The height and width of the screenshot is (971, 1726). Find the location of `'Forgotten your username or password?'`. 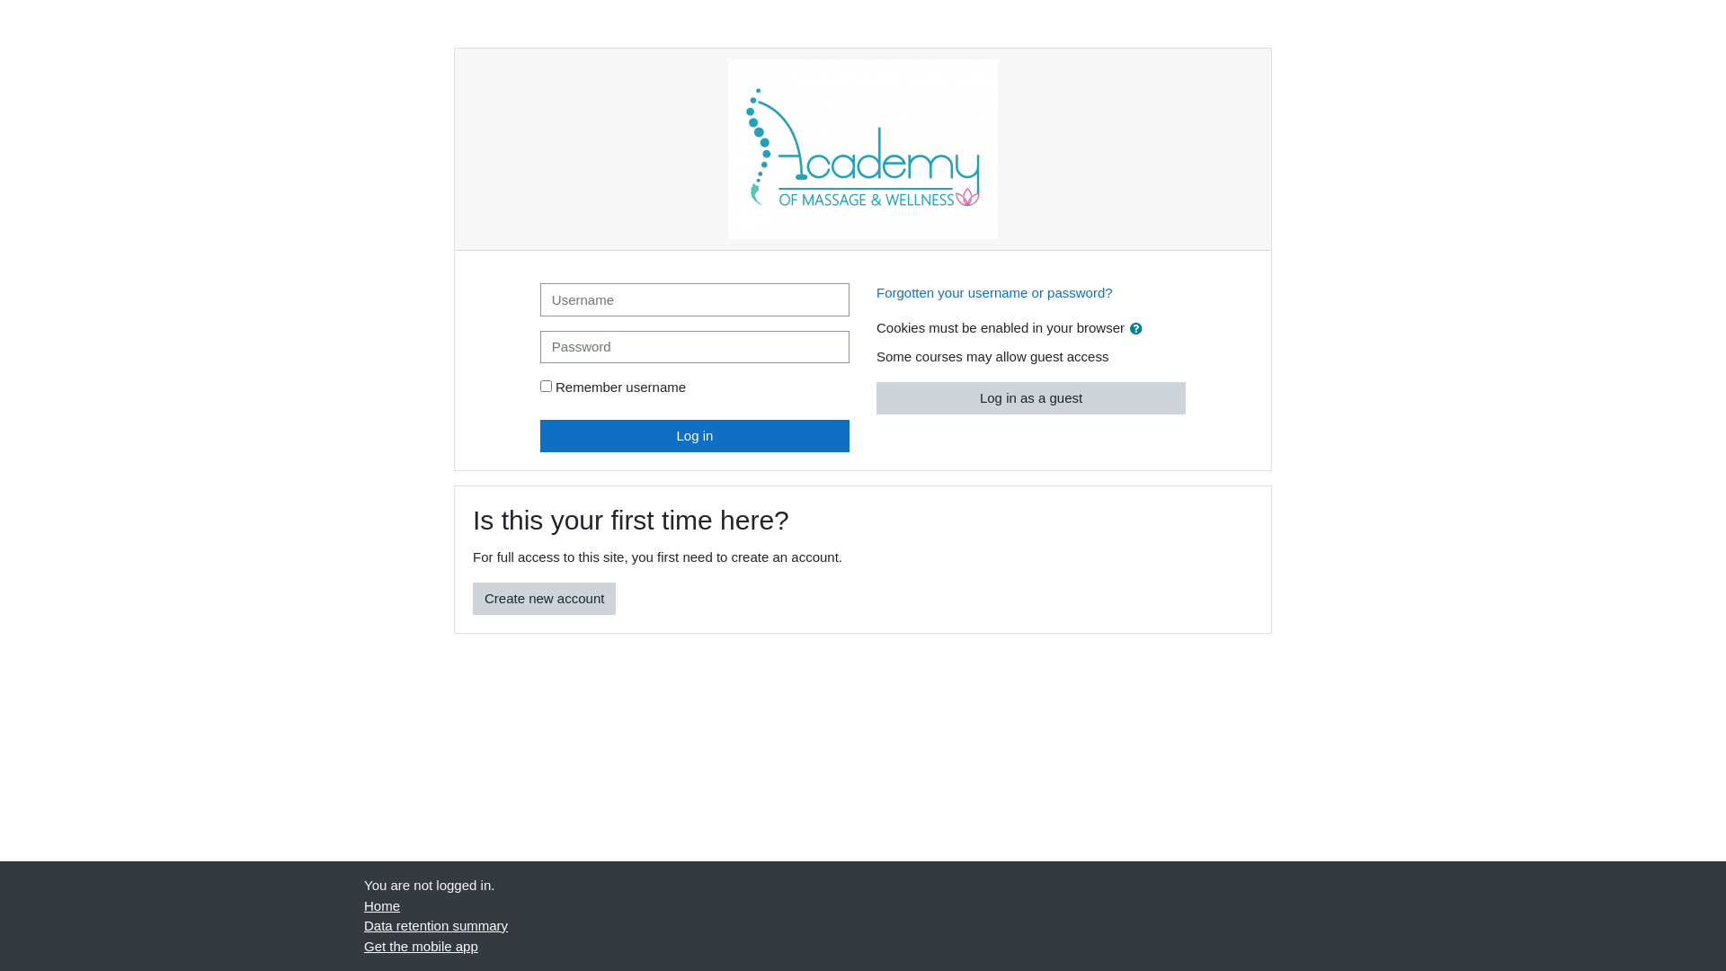

'Forgotten your username or password?' is located at coordinates (993, 291).